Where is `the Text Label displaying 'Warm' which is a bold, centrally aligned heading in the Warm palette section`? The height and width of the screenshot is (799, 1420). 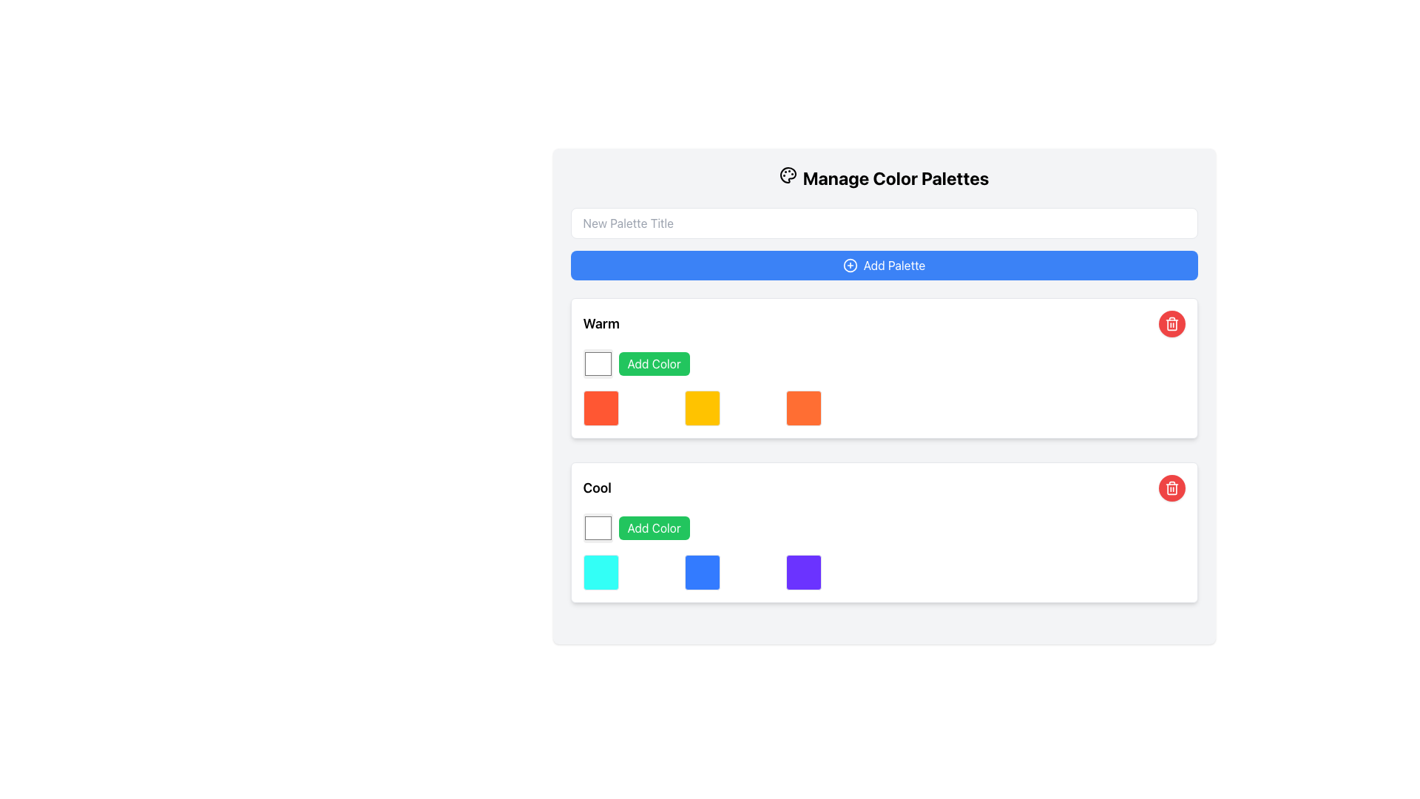 the Text Label displaying 'Warm' which is a bold, centrally aligned heading in the Warm palette section is located at coordinates (601, 323).